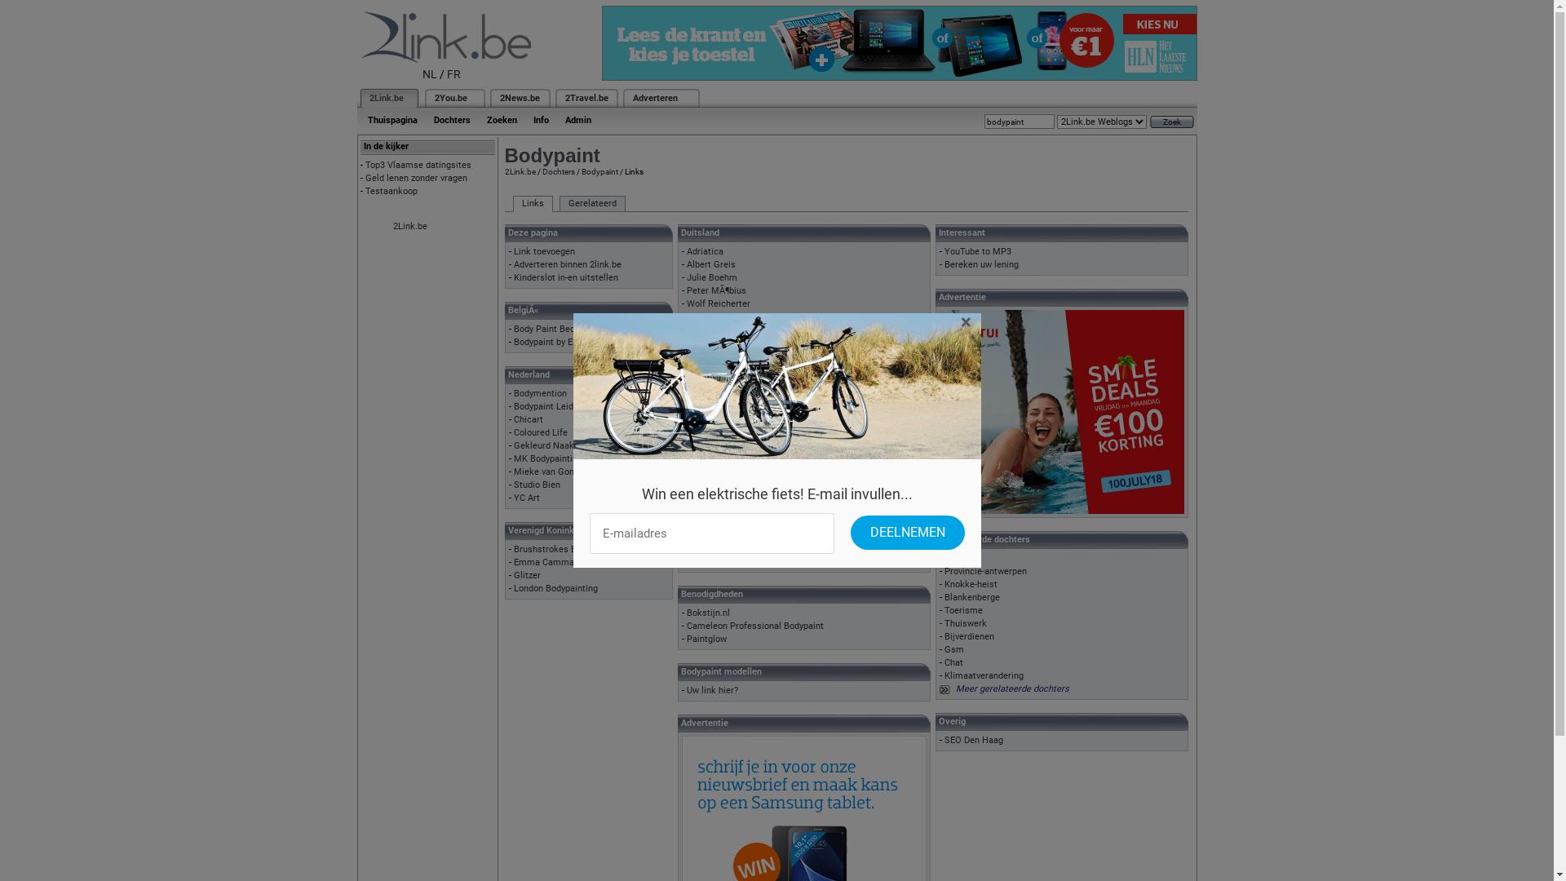  I want to click on 'Coloured Life', so click(540, 432).